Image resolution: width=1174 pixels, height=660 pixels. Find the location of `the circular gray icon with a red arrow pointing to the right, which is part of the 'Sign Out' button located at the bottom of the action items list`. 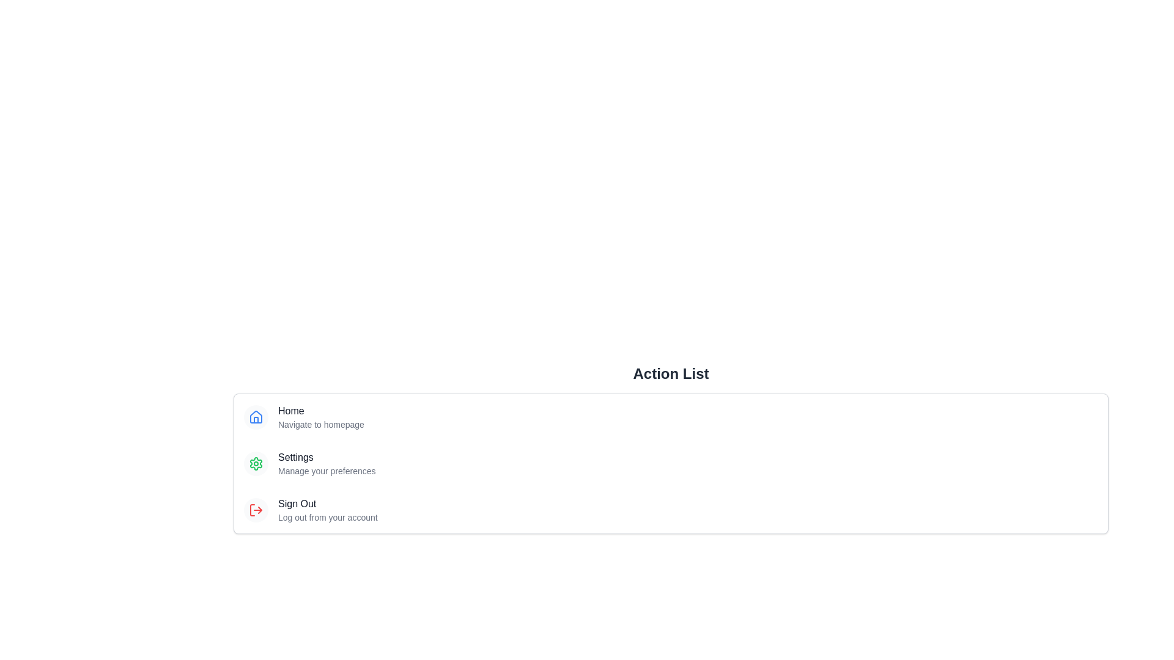

the circular gray icon with a red arrow pointing to the right, which is part of the 'Sign Out' button located at the bottom of the action items list is located at coordinates (255, 510).